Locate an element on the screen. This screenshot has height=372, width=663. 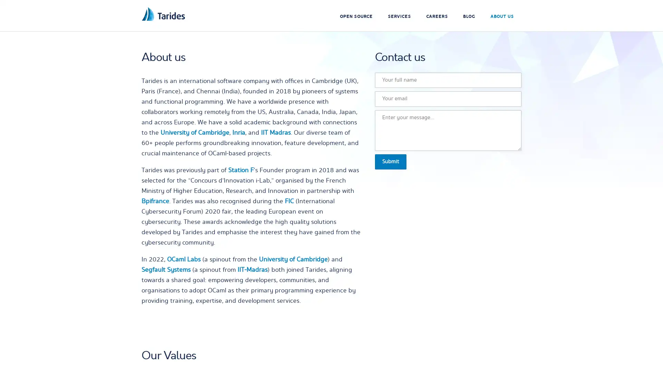
Submit is located at coordinates (391, 162).